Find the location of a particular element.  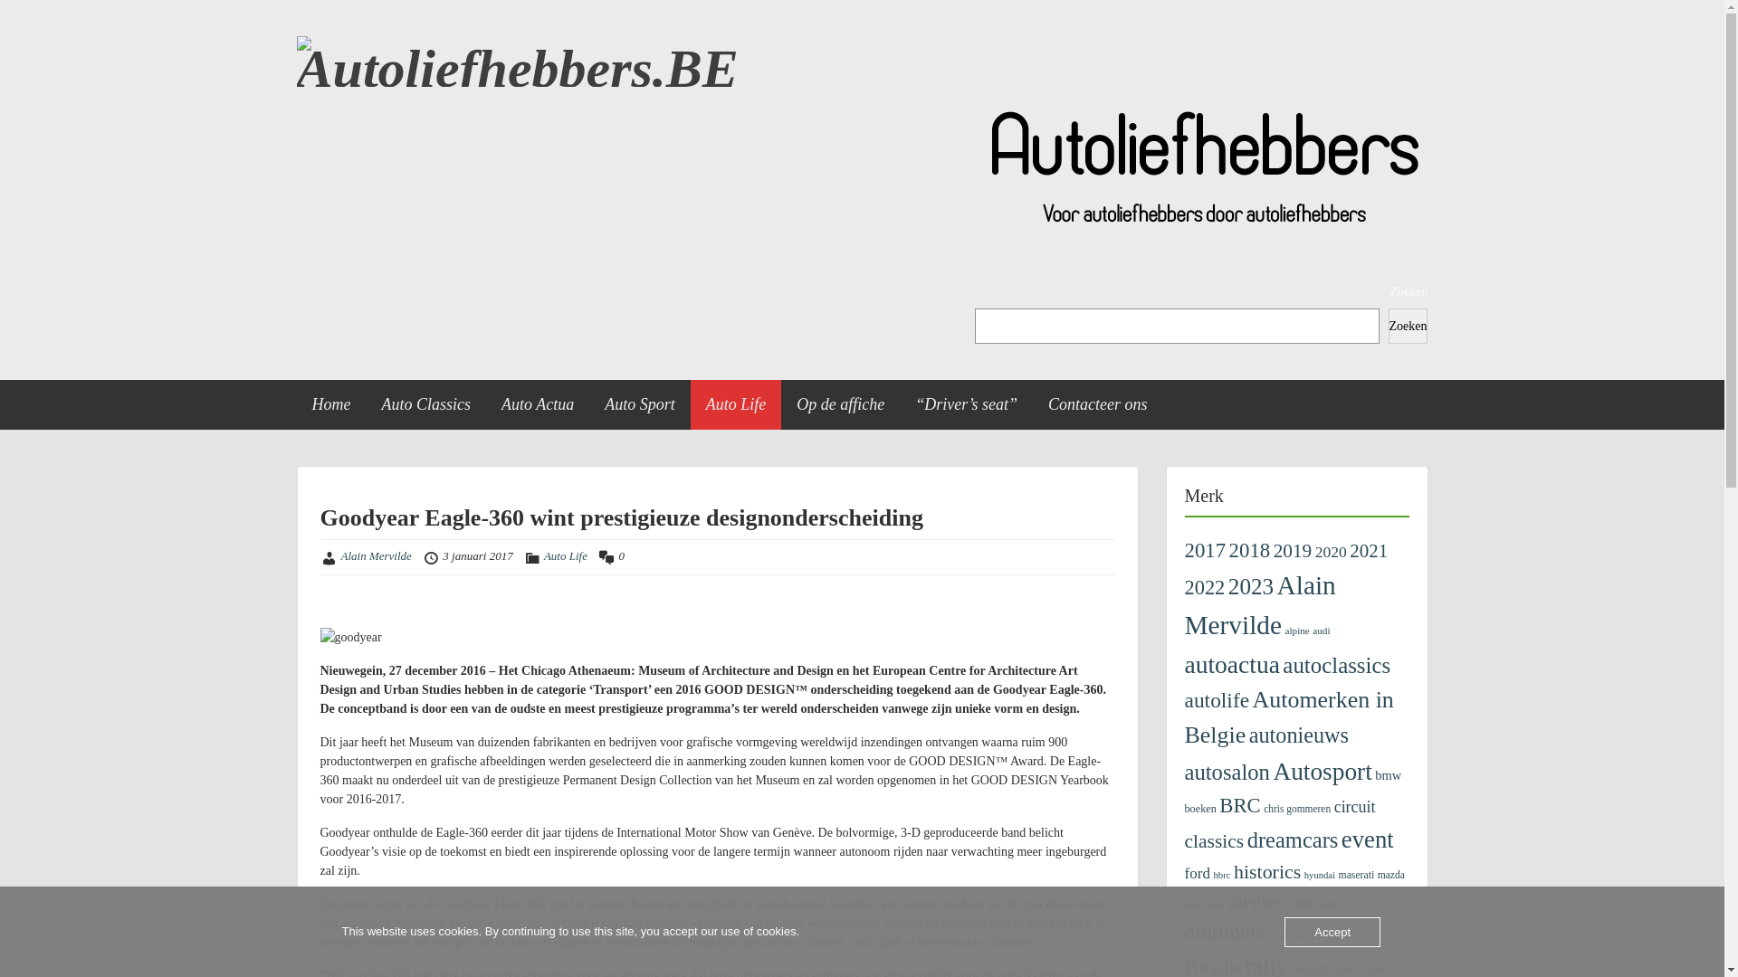

'autosalon' is located at coordinates (1226, 772).